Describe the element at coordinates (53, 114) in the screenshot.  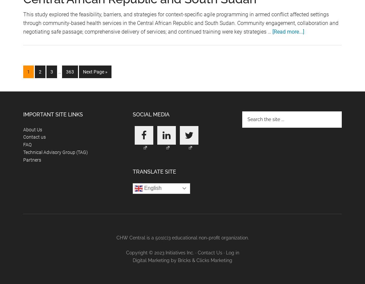
I see `'Important Site Links'` at that location.